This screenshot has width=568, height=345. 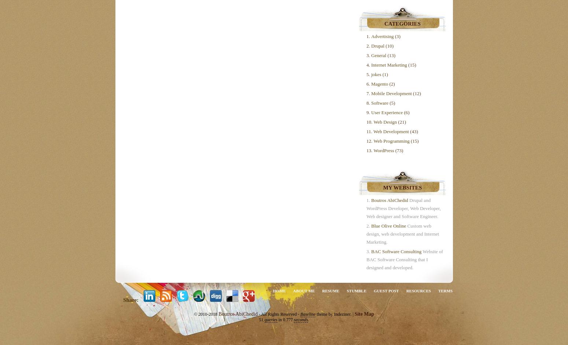 I want to click on 'General', so click(x=379, y=55).